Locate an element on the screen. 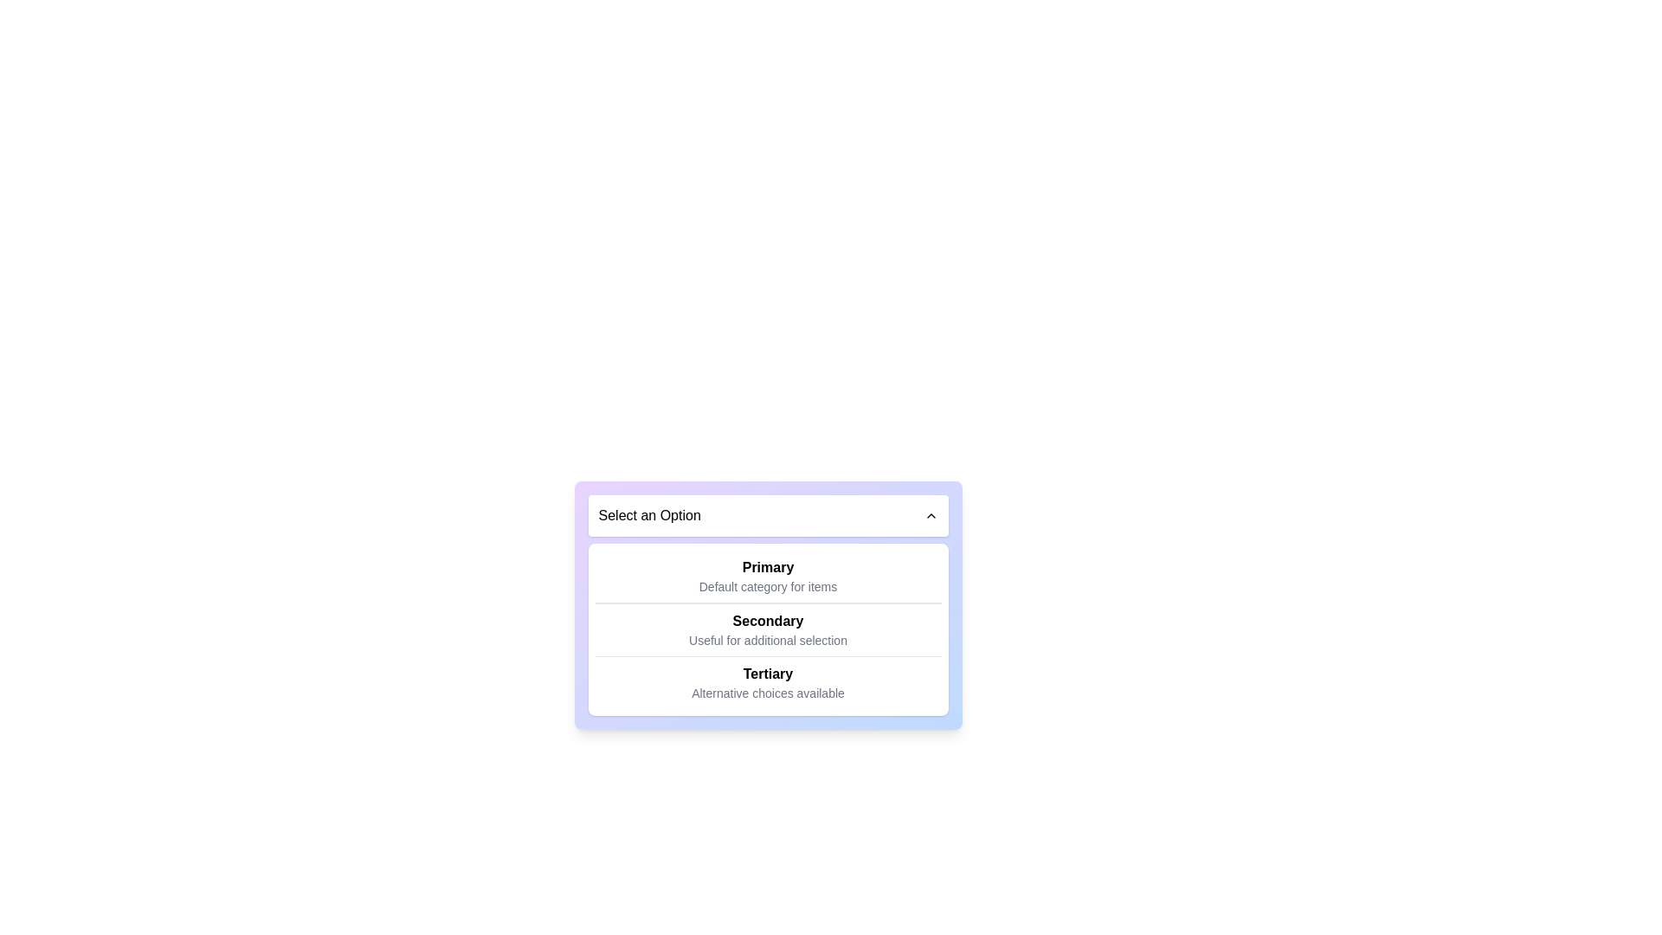  the upward-pointing chevron icon located at the far right of the 'Select an Option' dropdown component to interact with the dropdown is located at coordinates (930, 515).